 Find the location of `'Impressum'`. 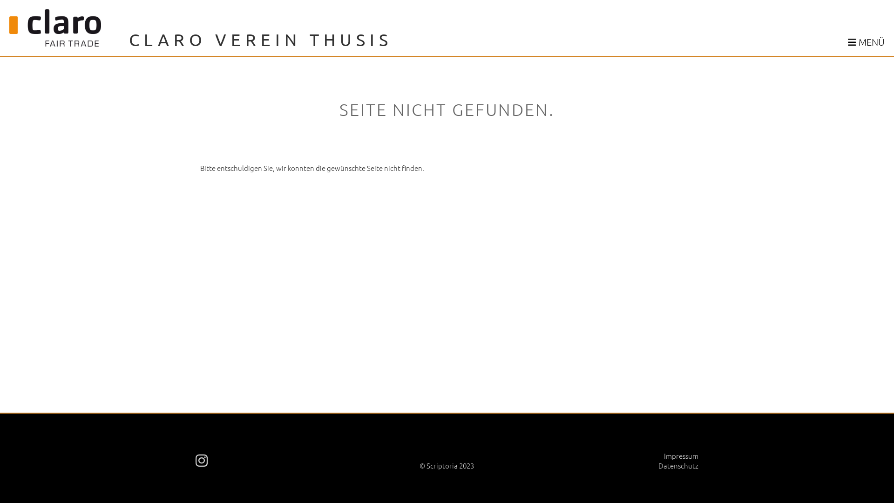

'Impressum' is located at coordinates (681, 455).